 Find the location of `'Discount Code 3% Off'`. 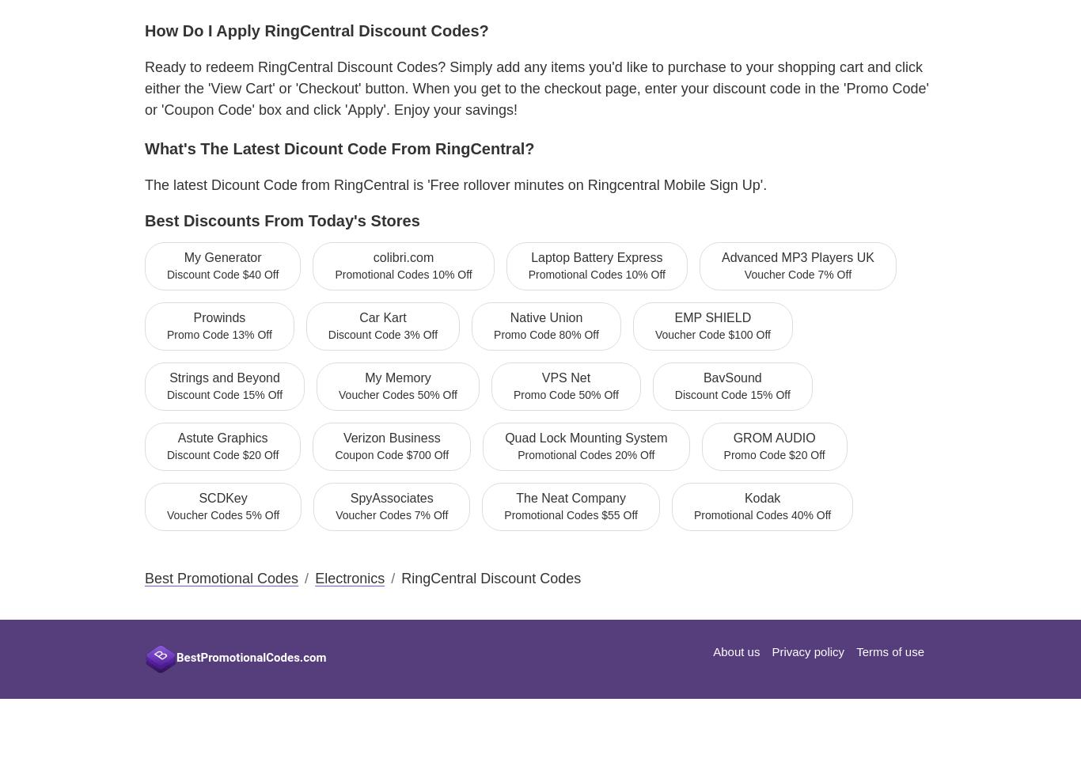

'Discount Code 3% Off' is located at coordinates (382, 333).